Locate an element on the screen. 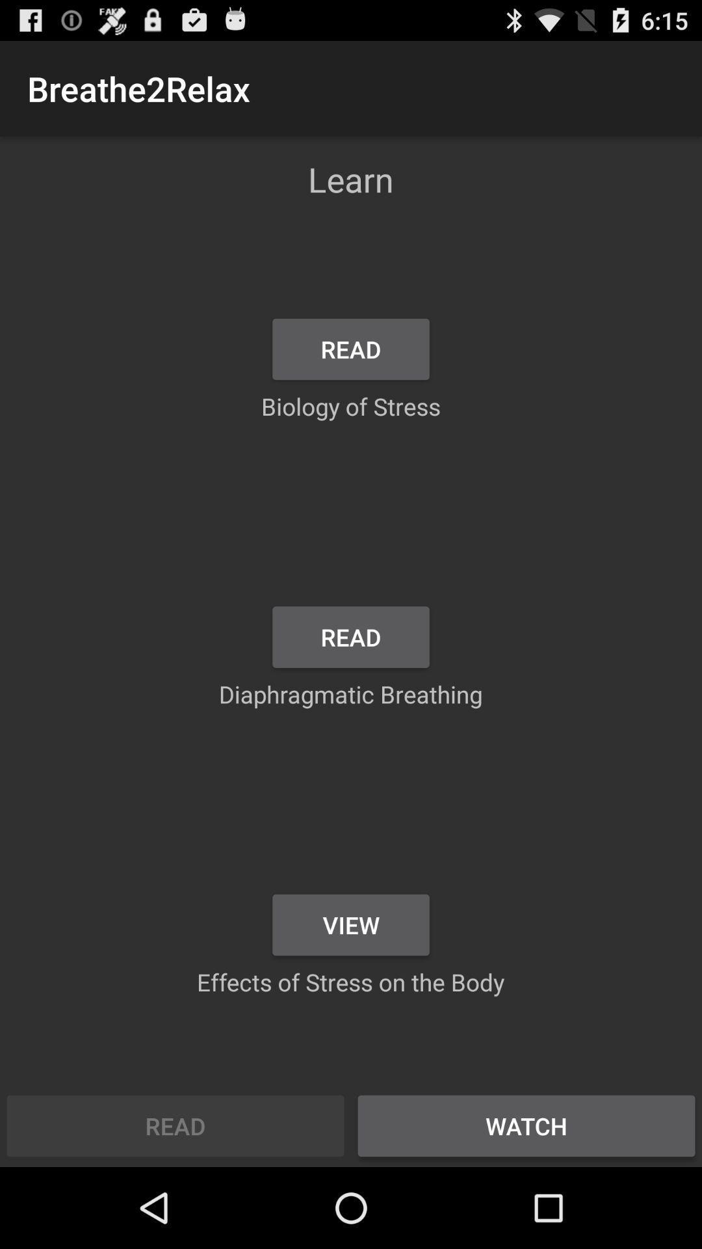  item above effects of stress item is located at coordinates (351, 924).